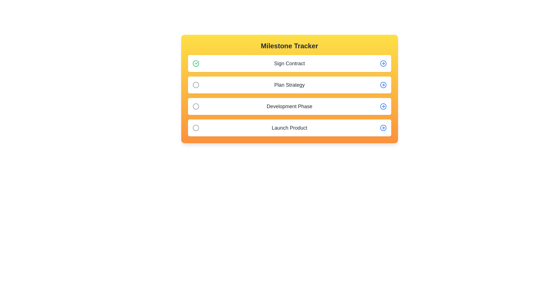  I want to click on the first milestone item labeled 'Sign Contract' in the Milestone Tracker list, so click(289, 63).